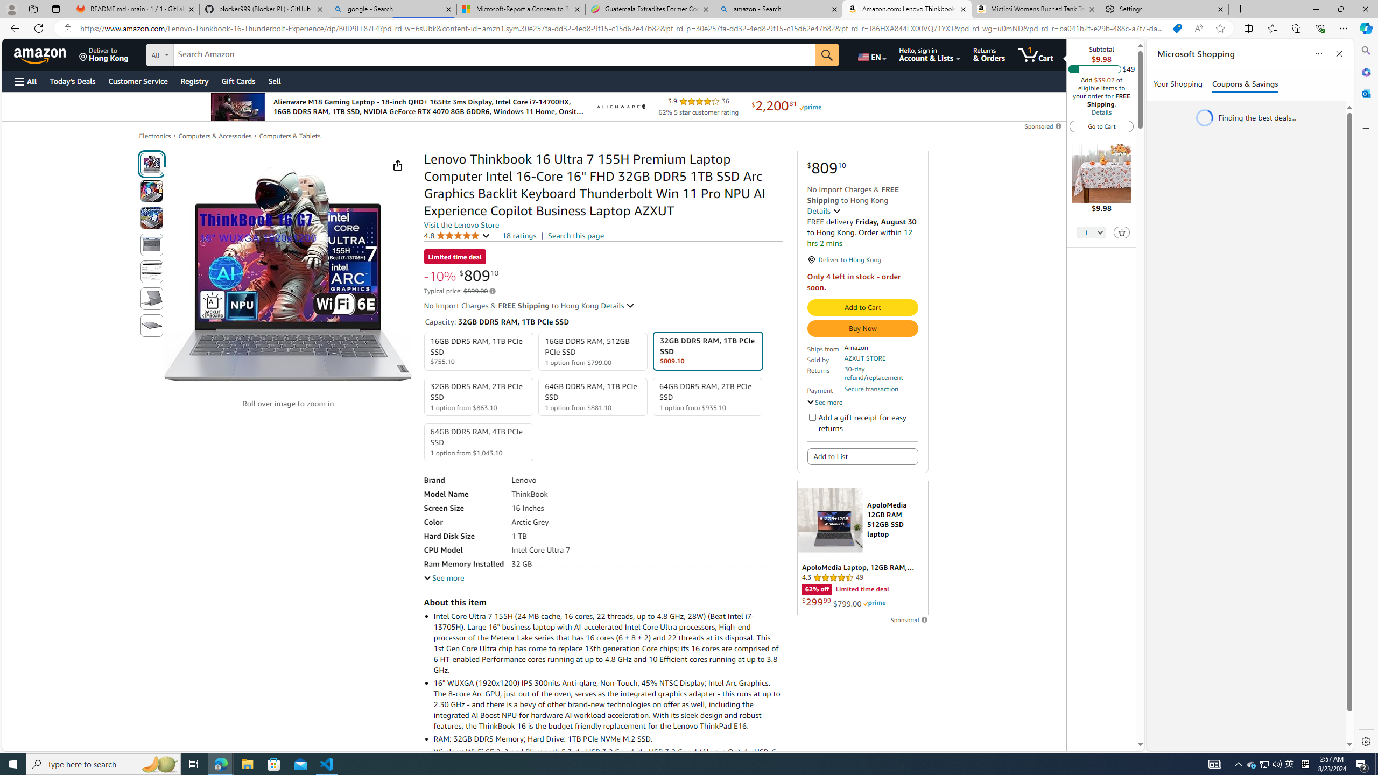 This screenshot has width=1378, height=775. Describe the element at coordinates (862, 328) in the screenshot. I see `'Buy Now'` at that location.